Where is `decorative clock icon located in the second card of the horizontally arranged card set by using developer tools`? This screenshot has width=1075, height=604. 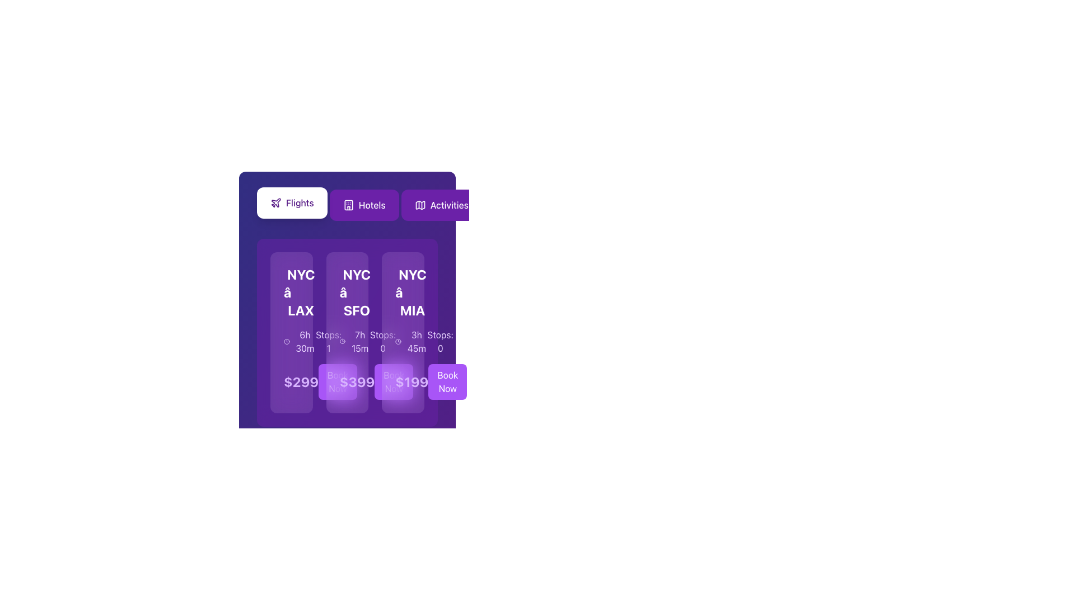 decorative clock icon located in the second card of the horizontally arranged card set by using developer tools is located at coordinates (324, 292).